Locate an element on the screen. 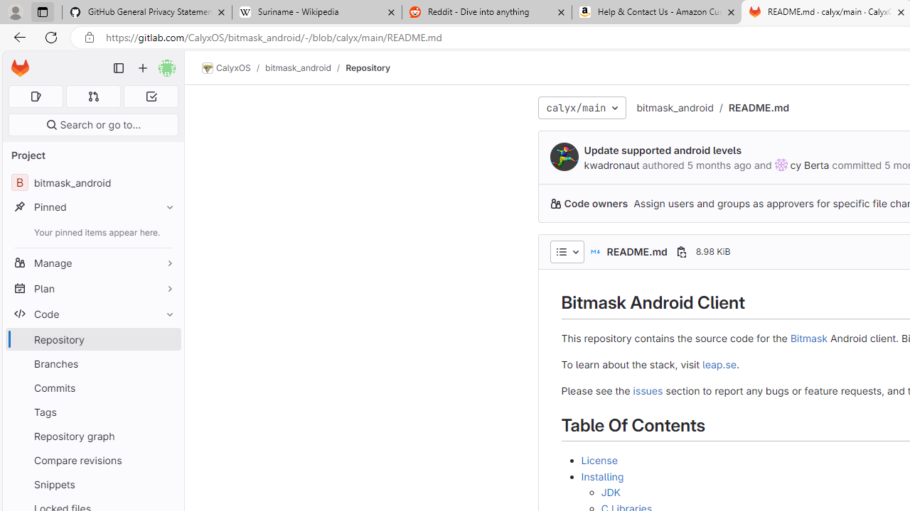 This screenshot has width=910, height=511. 'Pin Repository' is located at coordinates (166, 339).